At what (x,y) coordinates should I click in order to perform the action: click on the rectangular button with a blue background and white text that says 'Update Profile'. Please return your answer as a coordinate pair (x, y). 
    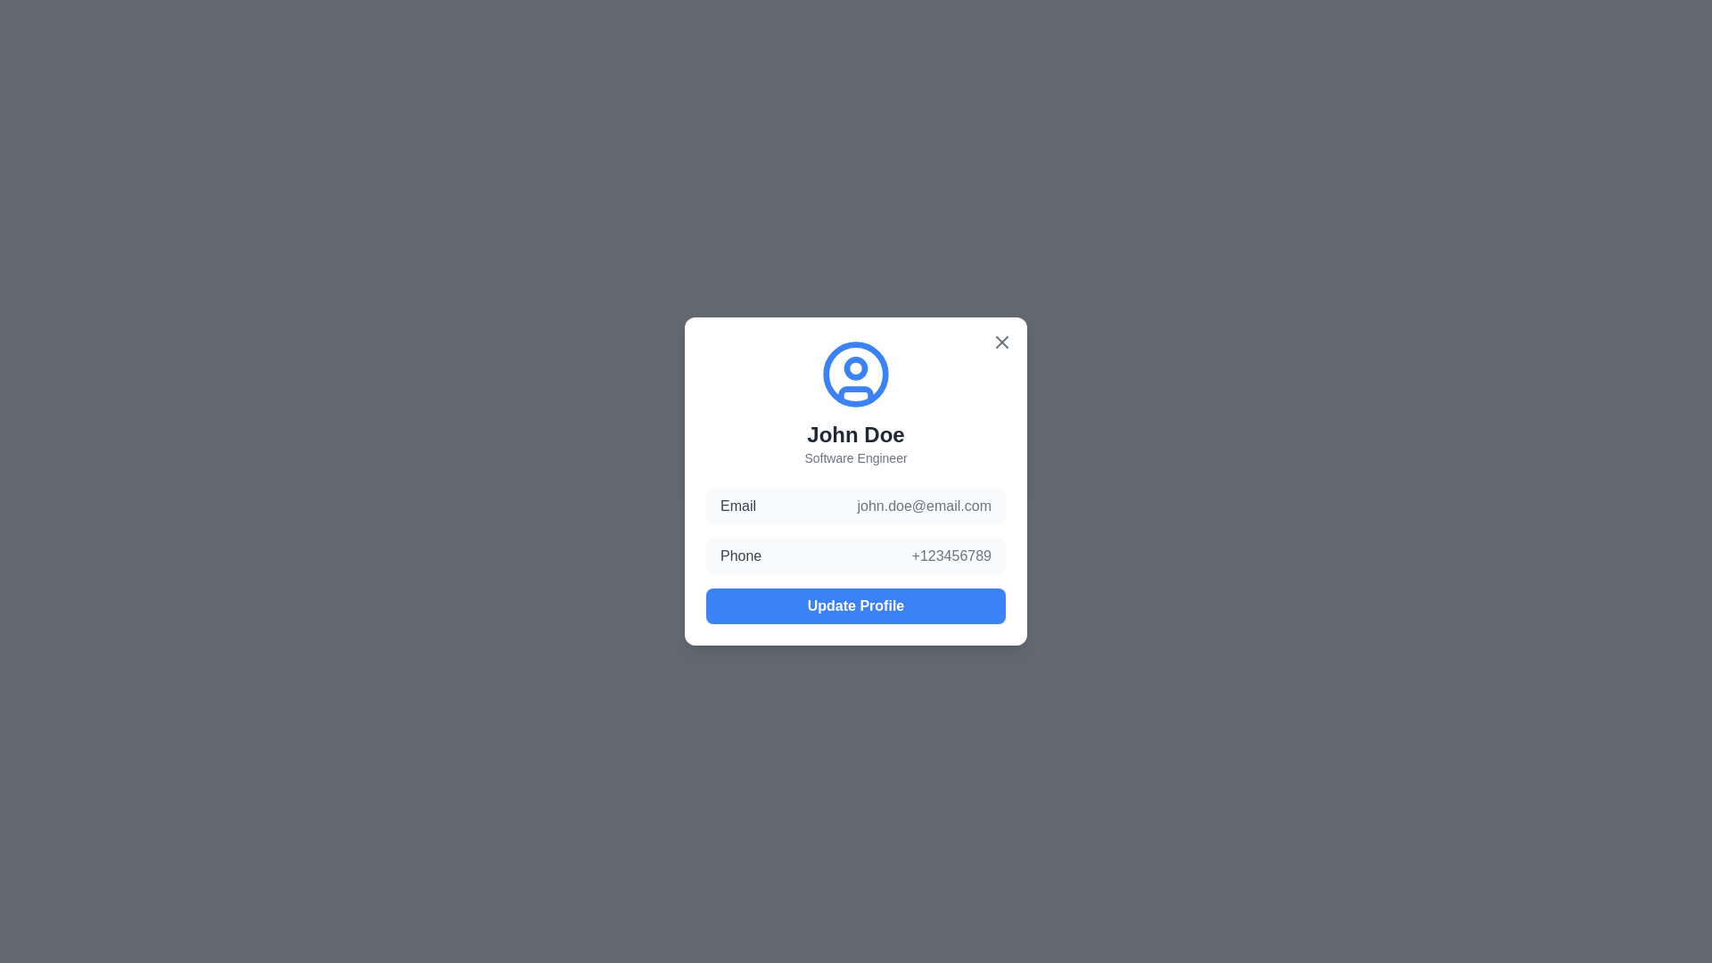
    Looking at the image, I should click on (856, 605).